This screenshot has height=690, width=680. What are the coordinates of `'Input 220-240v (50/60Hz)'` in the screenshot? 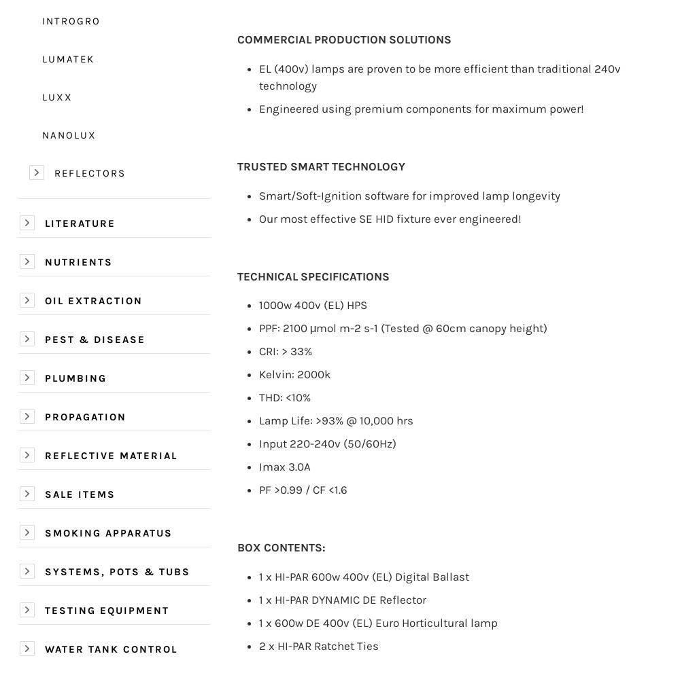 It's located at (326, 442).